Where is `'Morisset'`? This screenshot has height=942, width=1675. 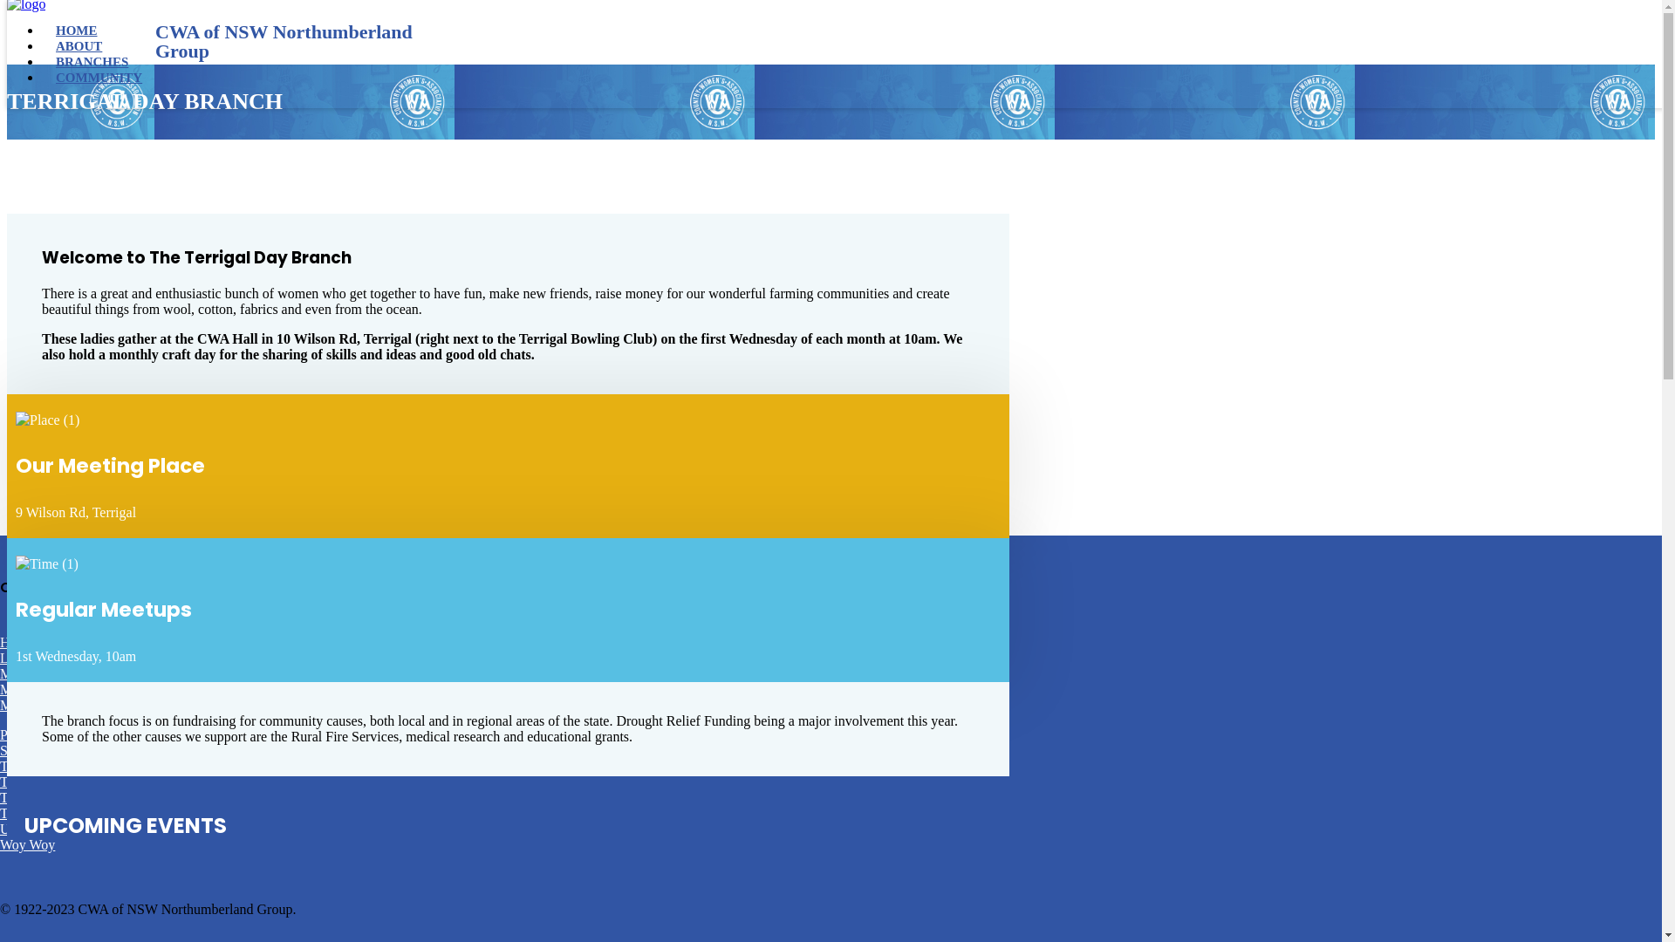 'Morisset' is located at coordinates (24, 704).